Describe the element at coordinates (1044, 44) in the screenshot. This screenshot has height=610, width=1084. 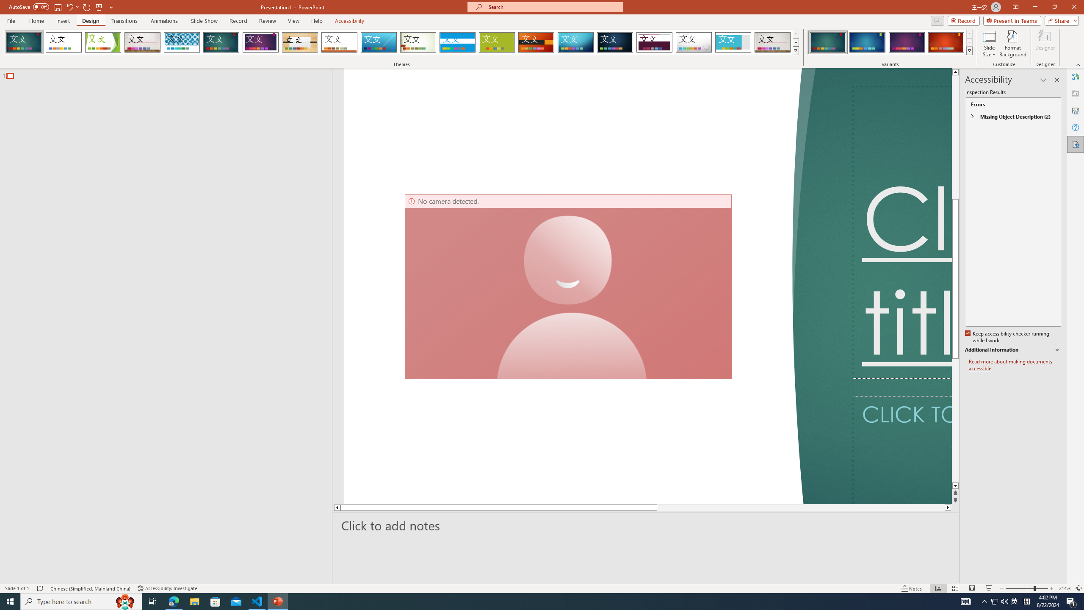
I see `'Designer'` at that location.